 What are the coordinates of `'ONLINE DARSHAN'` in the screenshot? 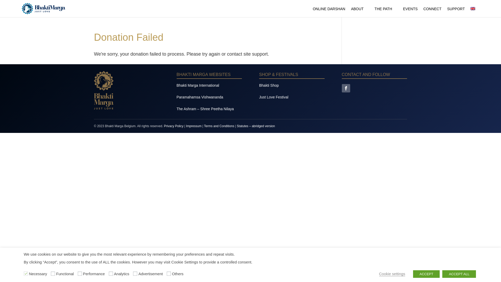 It's located at (329, 12).